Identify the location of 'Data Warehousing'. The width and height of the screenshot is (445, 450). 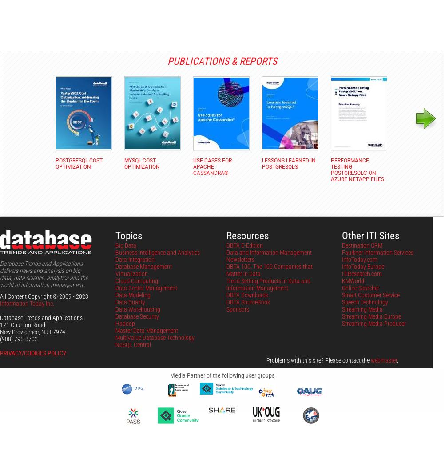
(137, 309).